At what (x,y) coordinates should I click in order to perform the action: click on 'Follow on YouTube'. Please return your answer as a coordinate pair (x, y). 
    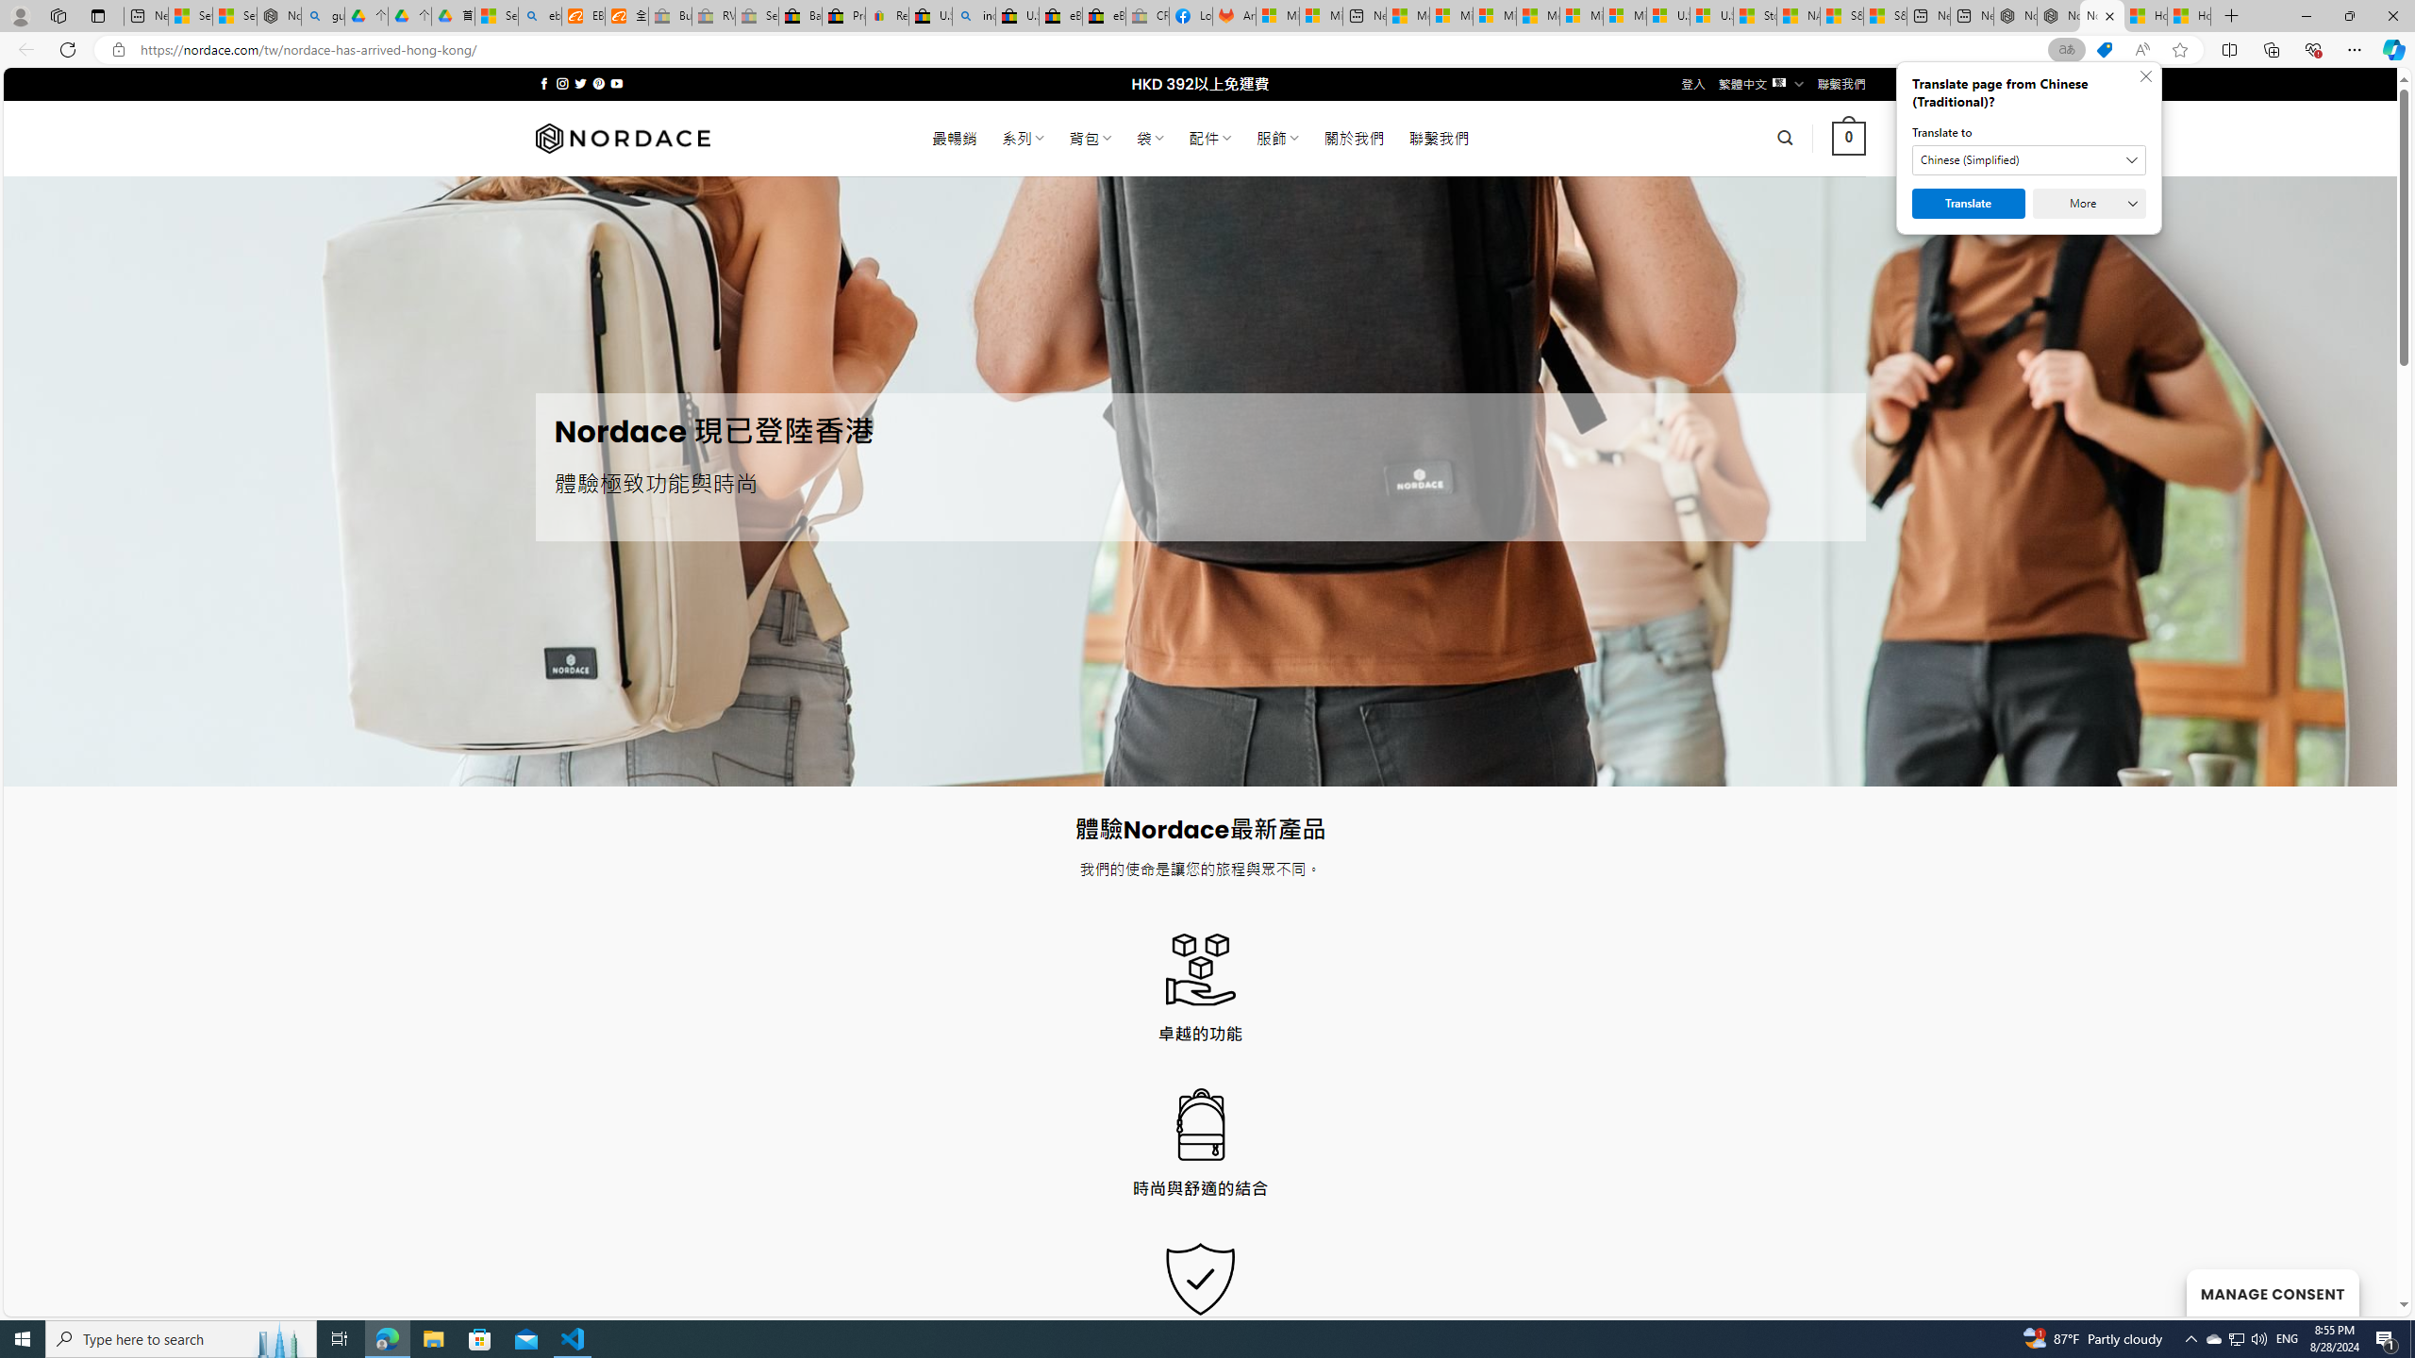
    Looking at the image, I should click on (616, 83).